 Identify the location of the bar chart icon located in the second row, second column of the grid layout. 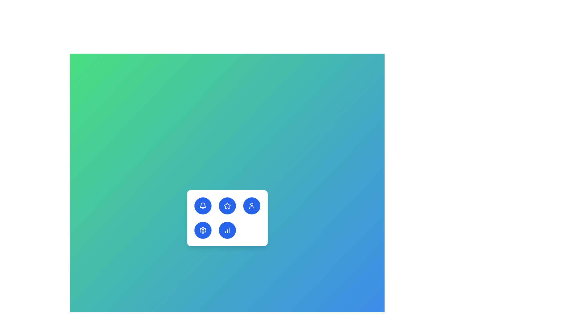
(227, 230).